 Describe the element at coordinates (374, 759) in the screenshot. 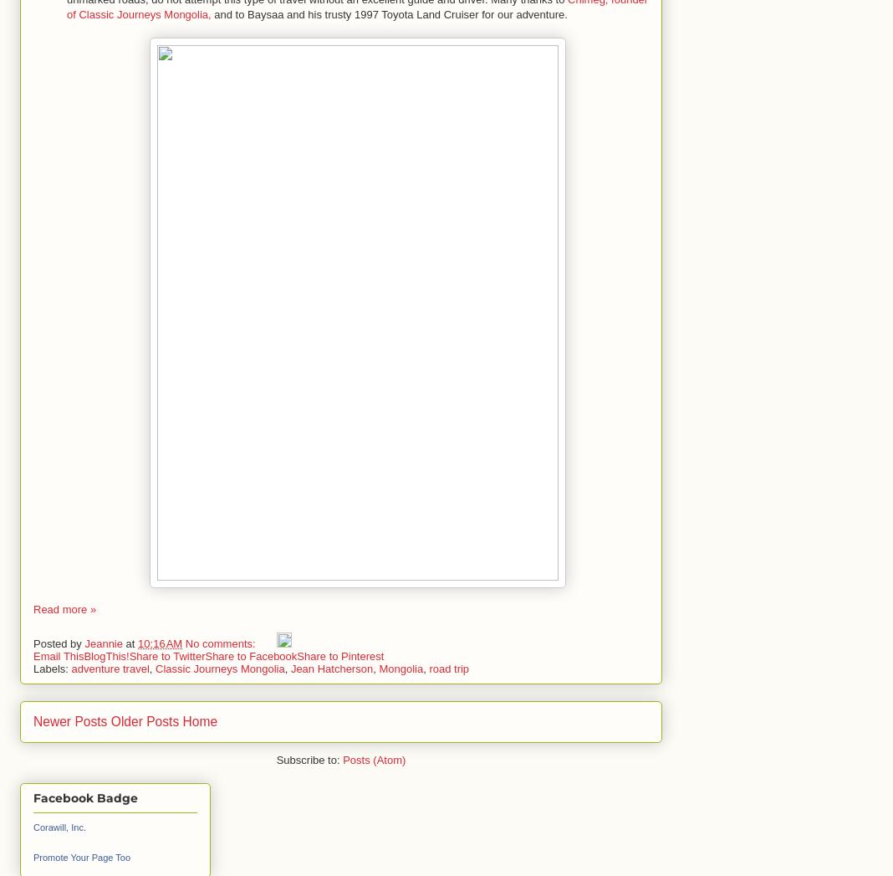

I see `'Posts (Atom)'` at that location.